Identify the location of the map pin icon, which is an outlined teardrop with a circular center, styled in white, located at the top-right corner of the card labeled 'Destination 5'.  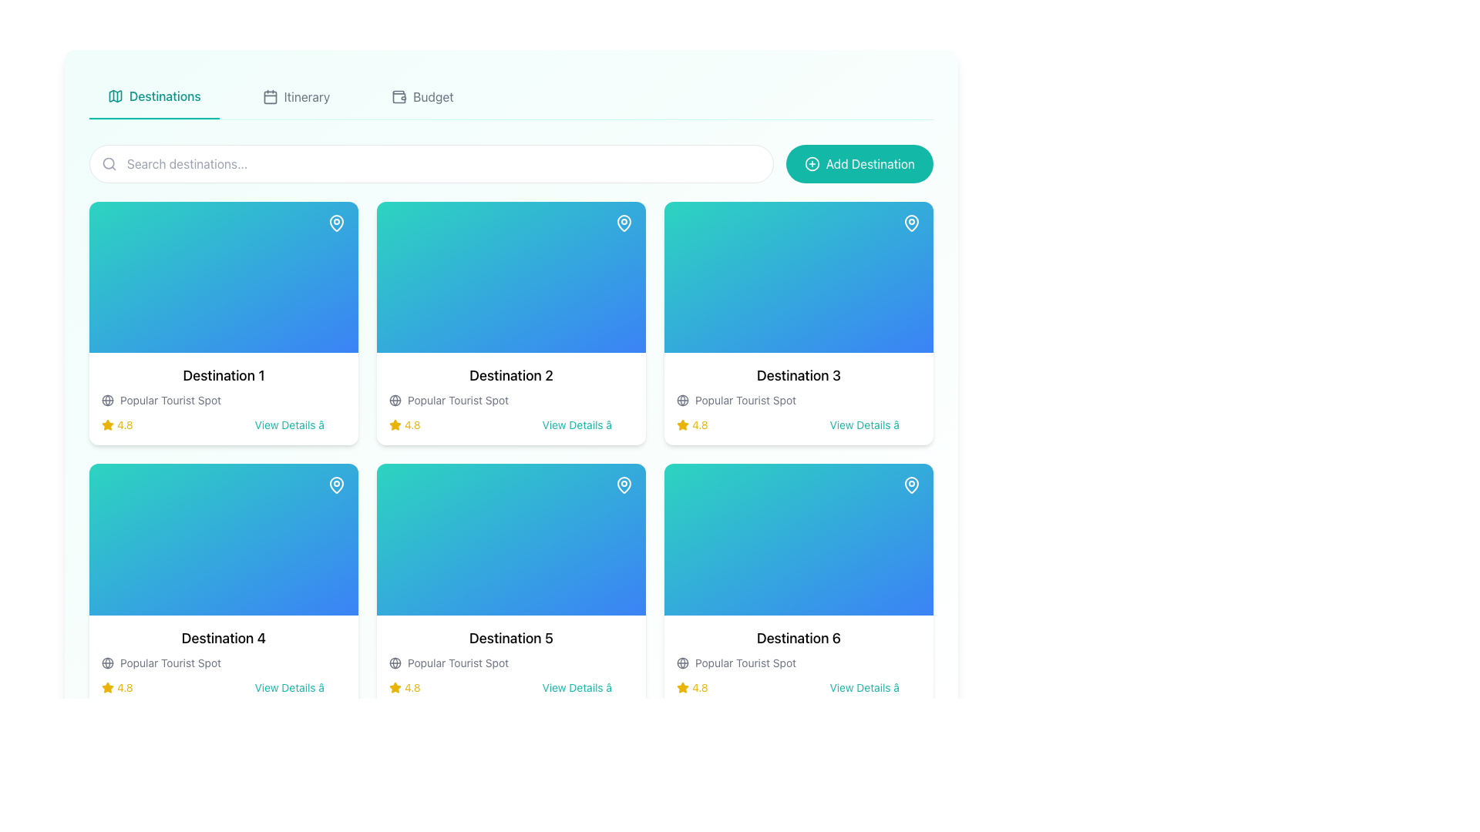
(624, 484).